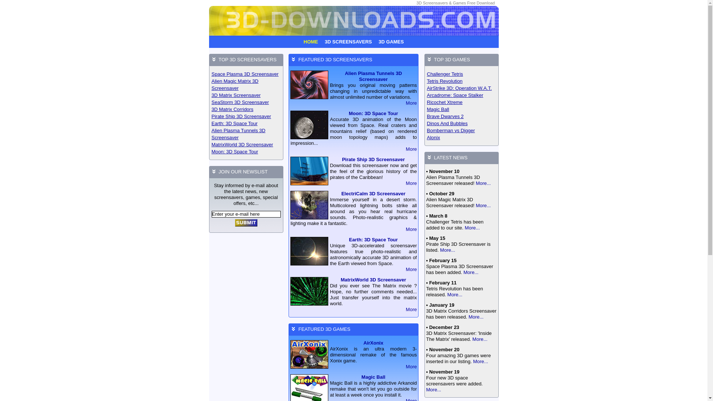 This screenshot has width=713, height=401. What do you see at coordinates (246, 151) in the screenshot?
I see `'Moon: 3D Space Tour'` at bounding box center [246, 151].